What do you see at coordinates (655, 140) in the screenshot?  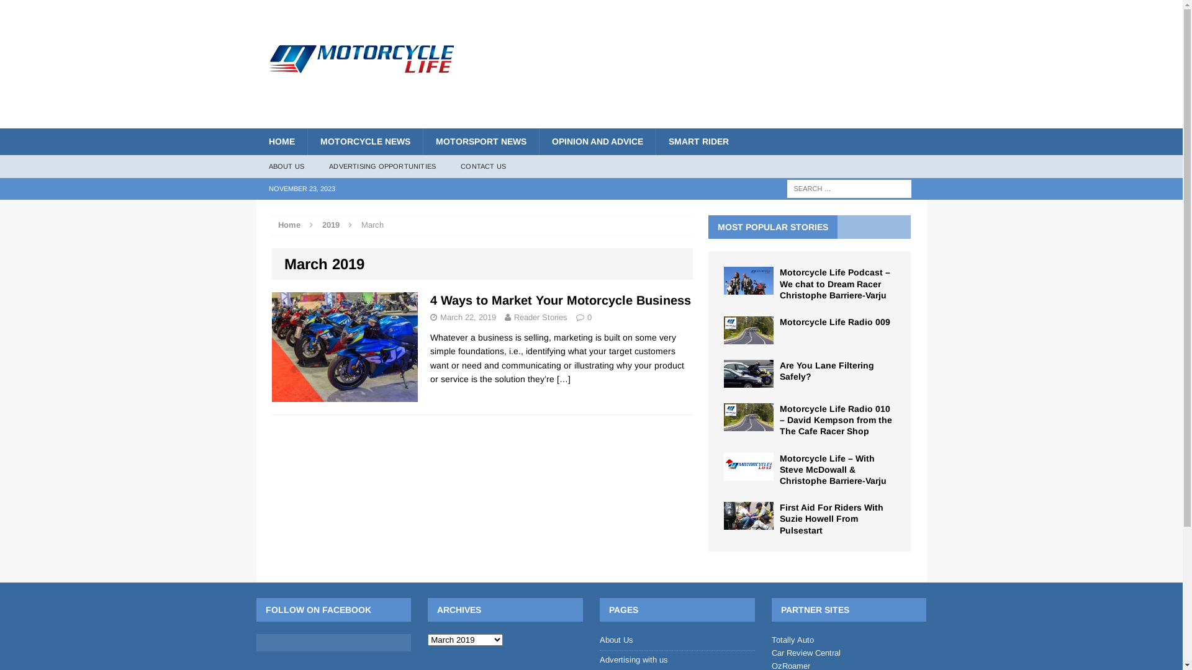 I see `'SMART RIDER'` at bounding box center [655, 140].